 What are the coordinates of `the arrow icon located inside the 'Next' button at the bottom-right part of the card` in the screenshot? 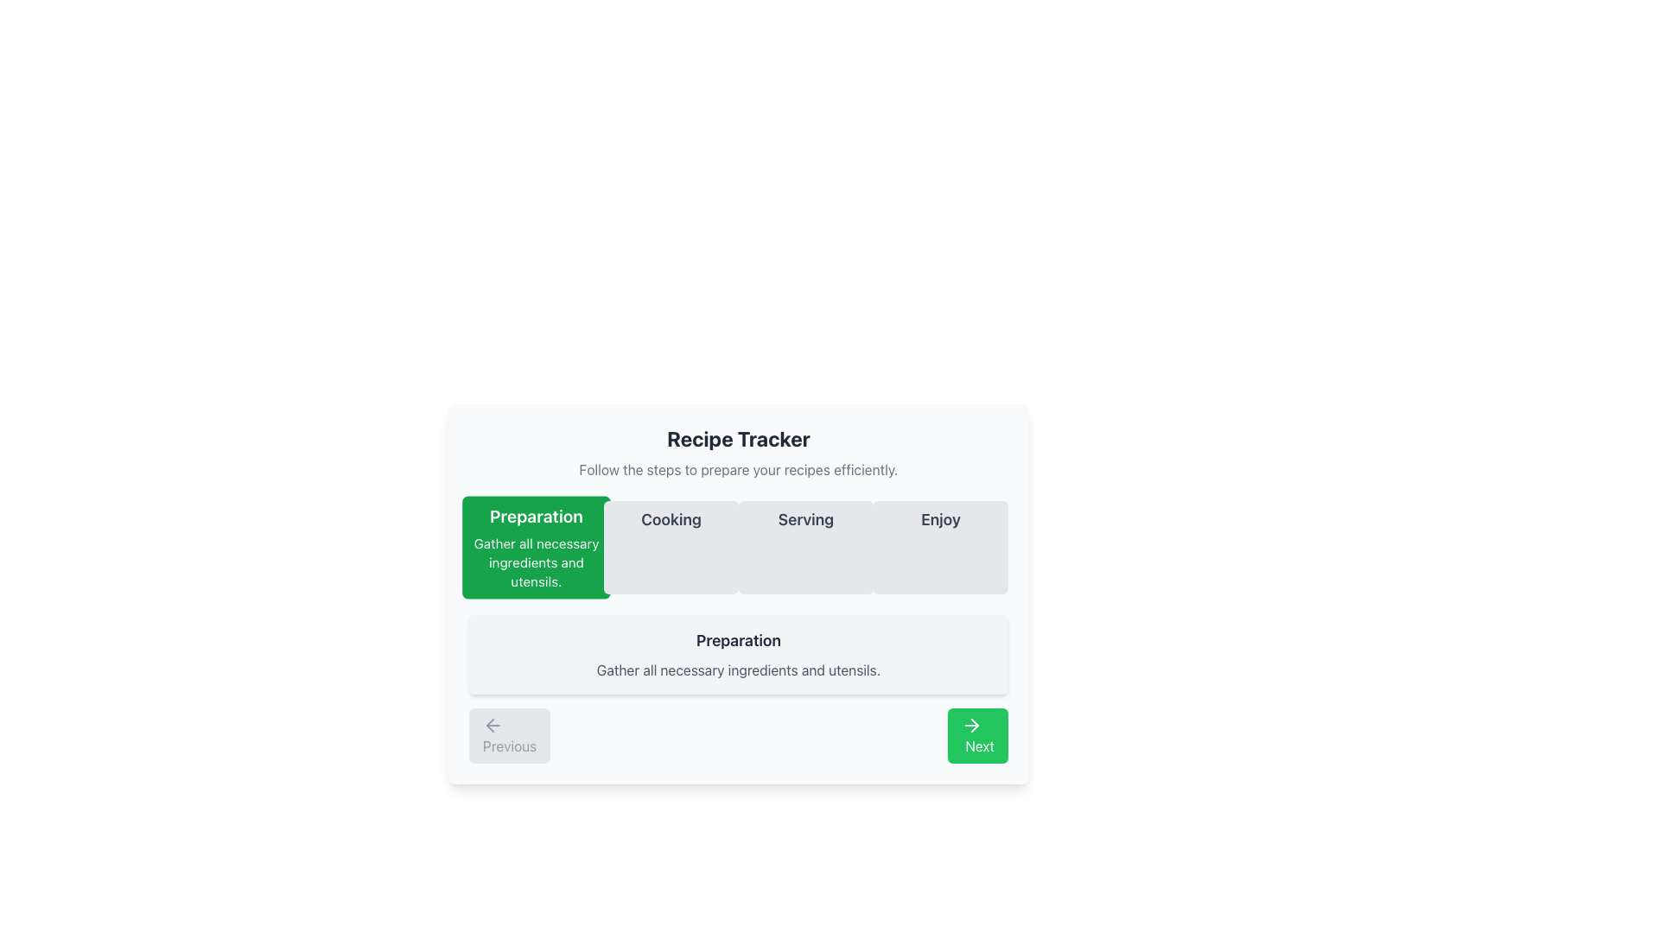 It's located at (972, 726).